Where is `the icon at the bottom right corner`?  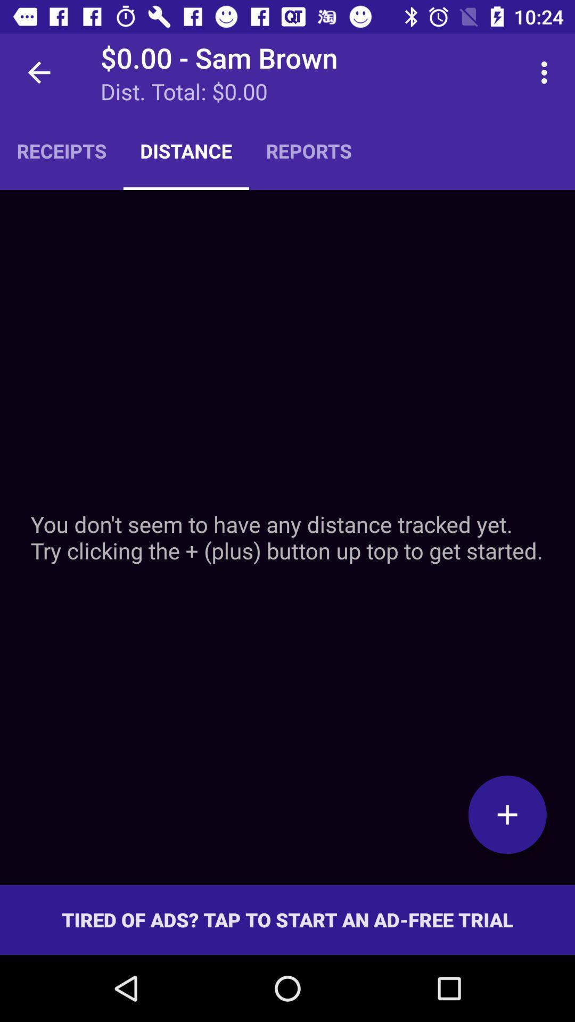 the icon at the bottom right corner is located at coordinates (507, 814).